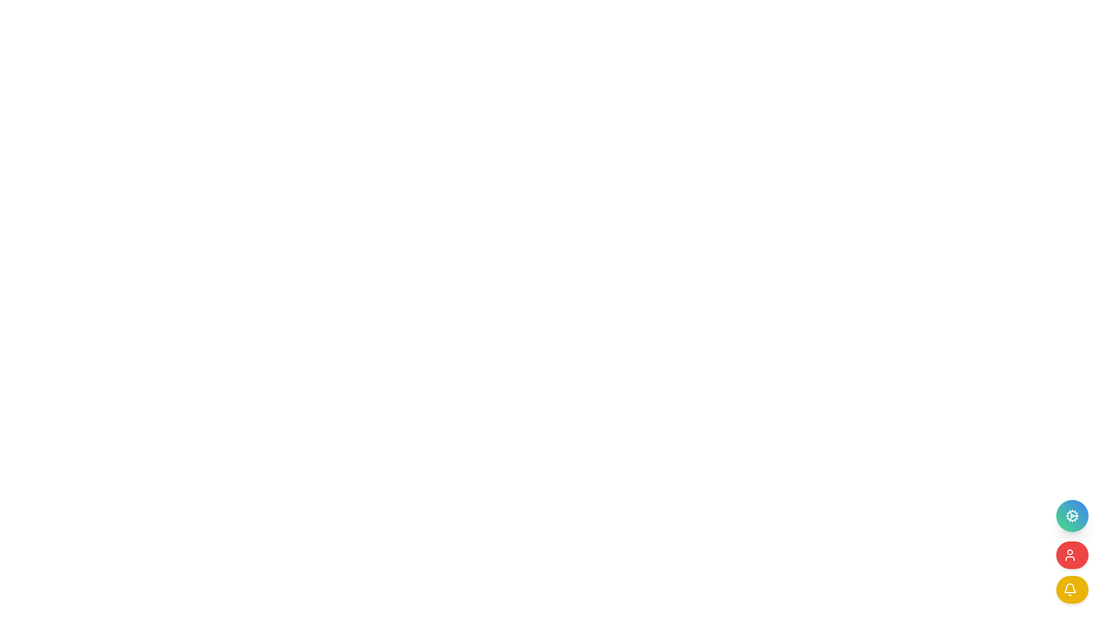 This screenshot has height=622, width=1107. What do you see at coordinates (1070, 555) in the screenshot?
I see `the user-related functionalities icon located within the second circular button in a vertical list of three buttons, situated between a blue gear icon button above and a yellow bell icon button below` at bounding box center [1070, 555].